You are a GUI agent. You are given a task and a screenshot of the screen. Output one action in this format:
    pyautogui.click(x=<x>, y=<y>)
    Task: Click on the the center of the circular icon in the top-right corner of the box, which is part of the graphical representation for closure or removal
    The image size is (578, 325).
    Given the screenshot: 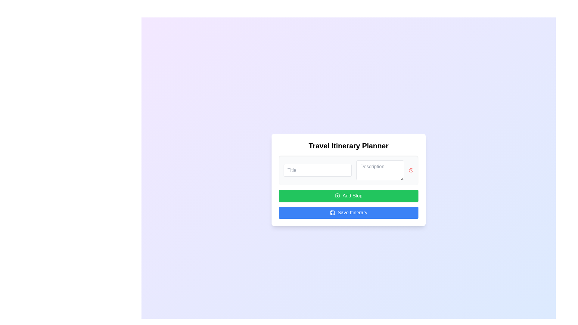 What is the action you would take?
    pyautogui.click(x=411, y=170)
    